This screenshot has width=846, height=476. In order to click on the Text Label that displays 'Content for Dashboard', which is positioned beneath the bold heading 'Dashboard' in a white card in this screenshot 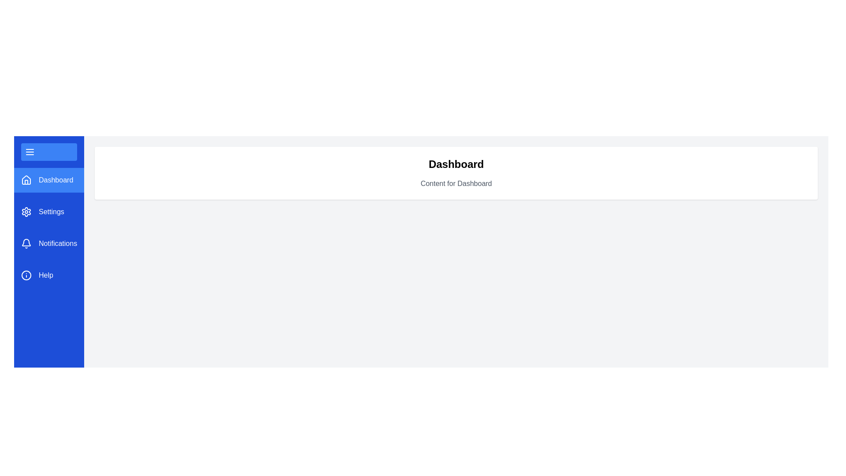, I will do `click(456, 183)`.